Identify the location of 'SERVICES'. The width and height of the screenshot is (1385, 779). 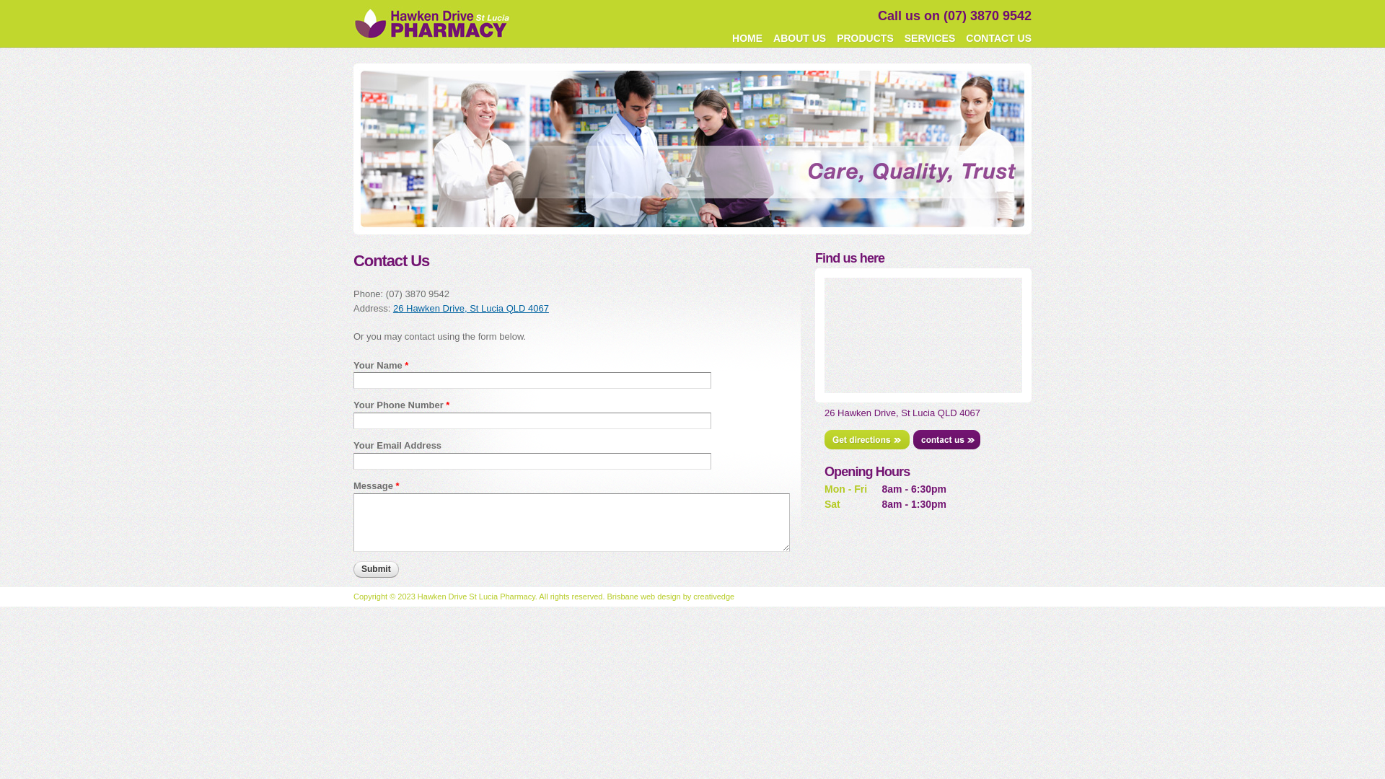
(930, 38).